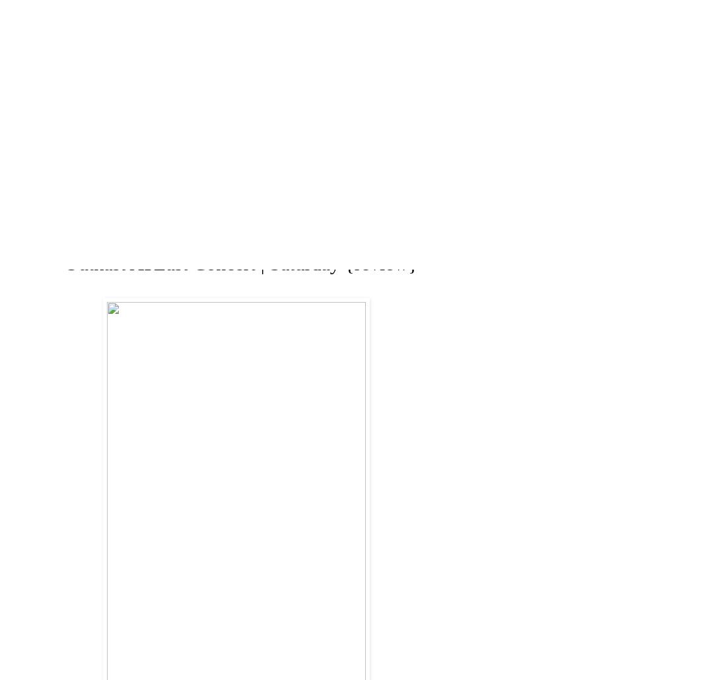 This screenshot has height=680, width=725. What do you see at coordinates (330, 159) in the screenshot?
I see `'Pages'` at bounding box center [330, 159].